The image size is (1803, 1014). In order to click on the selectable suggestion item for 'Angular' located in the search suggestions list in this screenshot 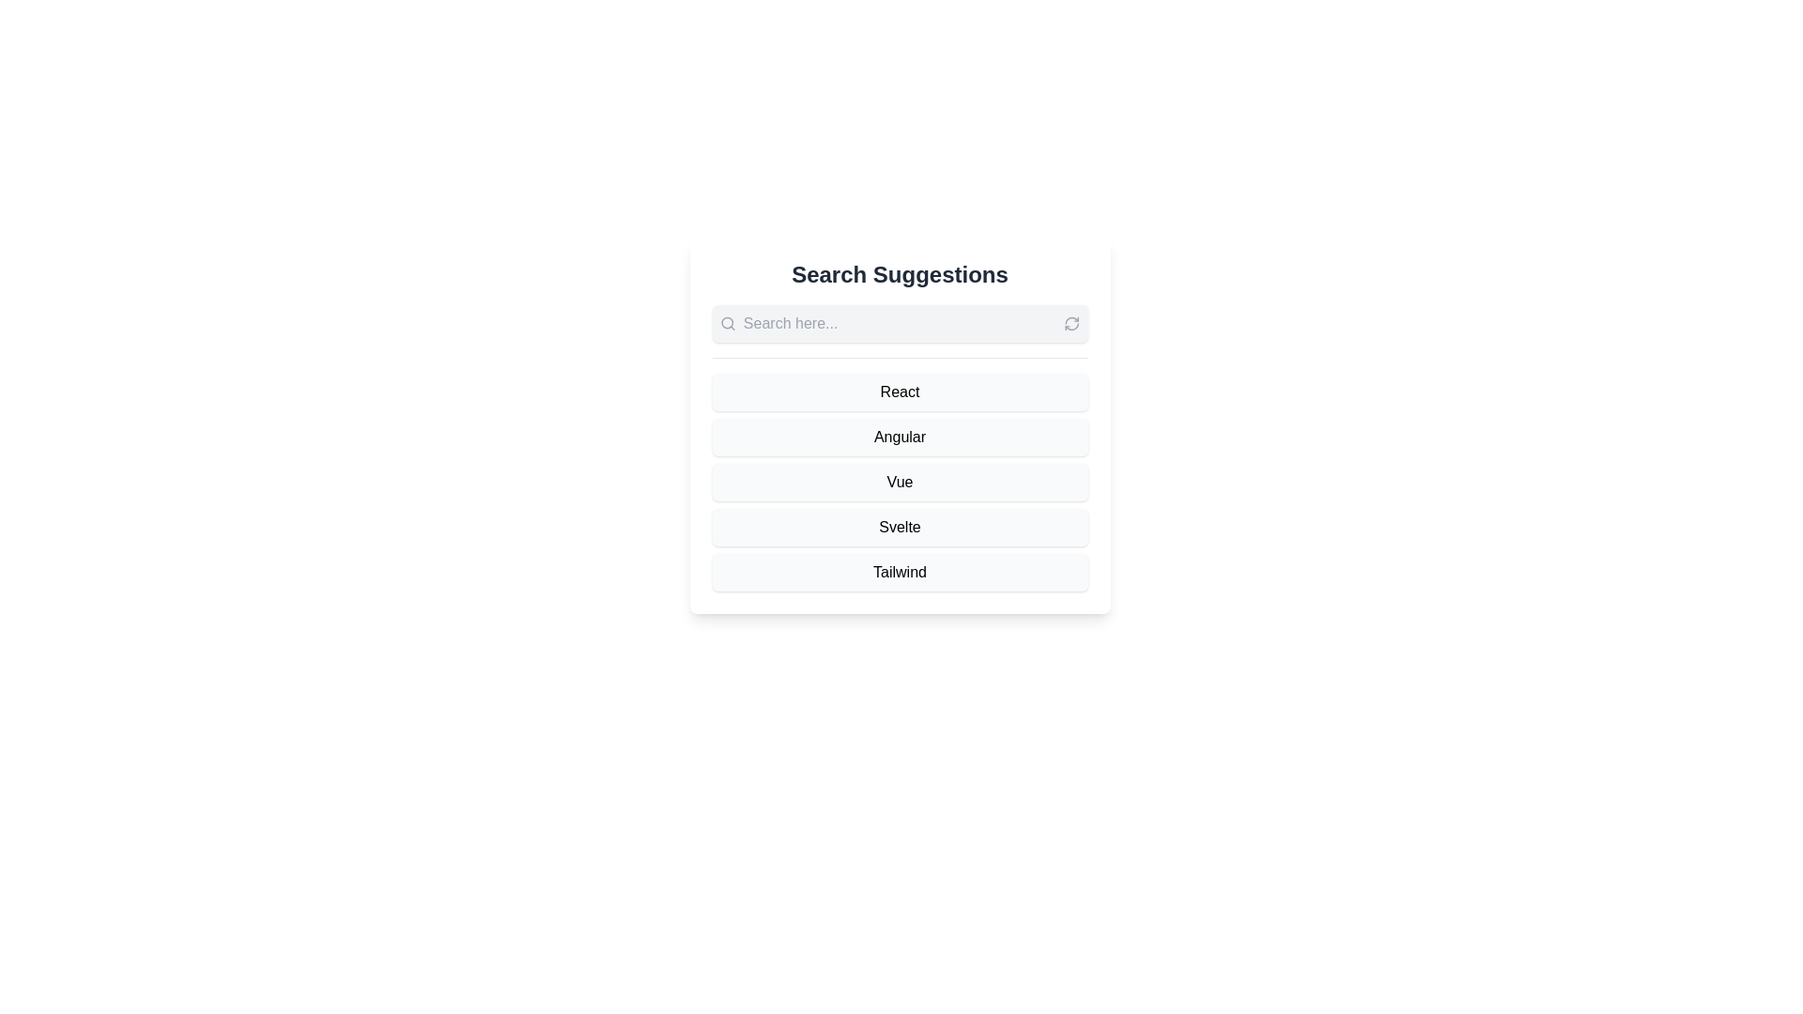, I will do `click(899, 425)`.